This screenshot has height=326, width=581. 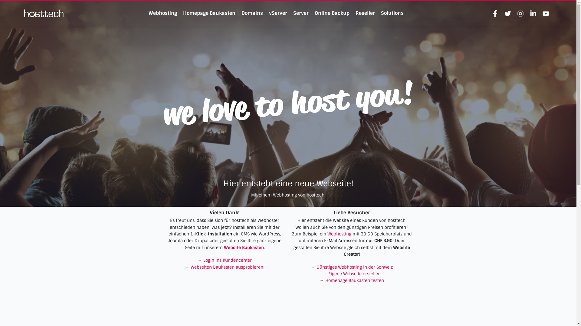 What do you see at coordinates (244, 248) in the screenshot?
I see `'Website Baukasten'` at bounding box center [244, 248].